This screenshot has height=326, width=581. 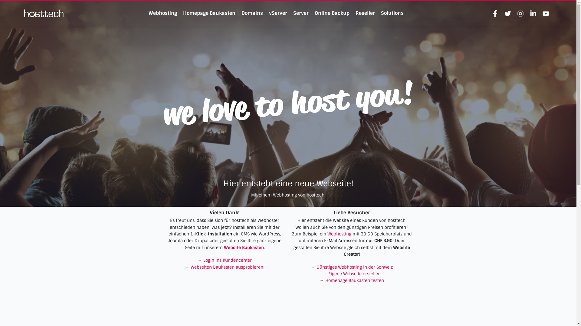 What do you see at coordinates (244, 248) in the screenshot?
I see `'Website Baukasten'` at bounding box center [244, 248].